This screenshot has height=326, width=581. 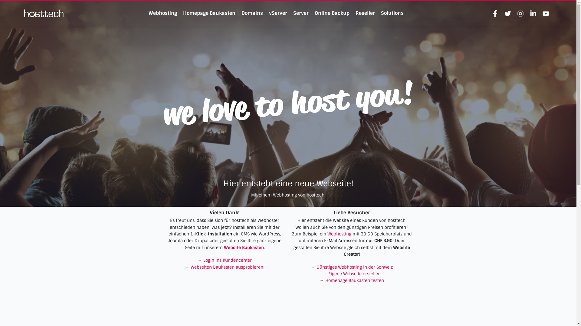 What do you see at coordinates (244, 248) in the screenshot?
I see `'Website Baukasten'` at bounding box center [244, 248].